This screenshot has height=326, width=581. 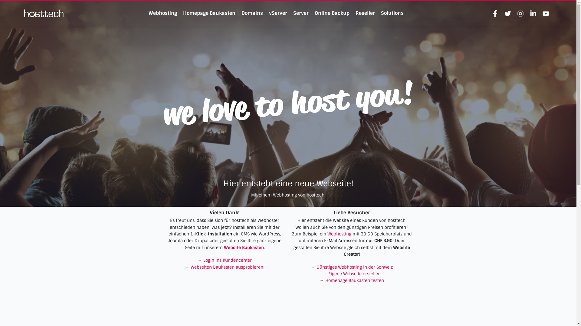 What do you see at coordinates (244, 248) in the screenshot?
I see `'Website Baukasten'` at bounding box center [244, 248].